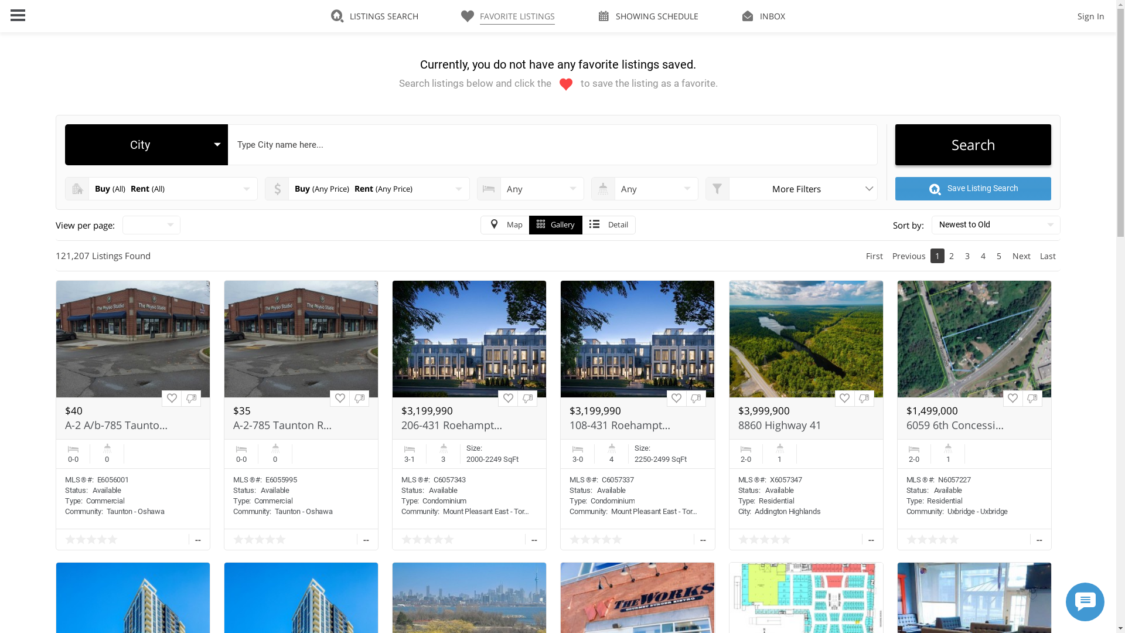  Describe the element at coordinates (930, 225) in the screenshot. I see `'Newest to Old'` at that location.